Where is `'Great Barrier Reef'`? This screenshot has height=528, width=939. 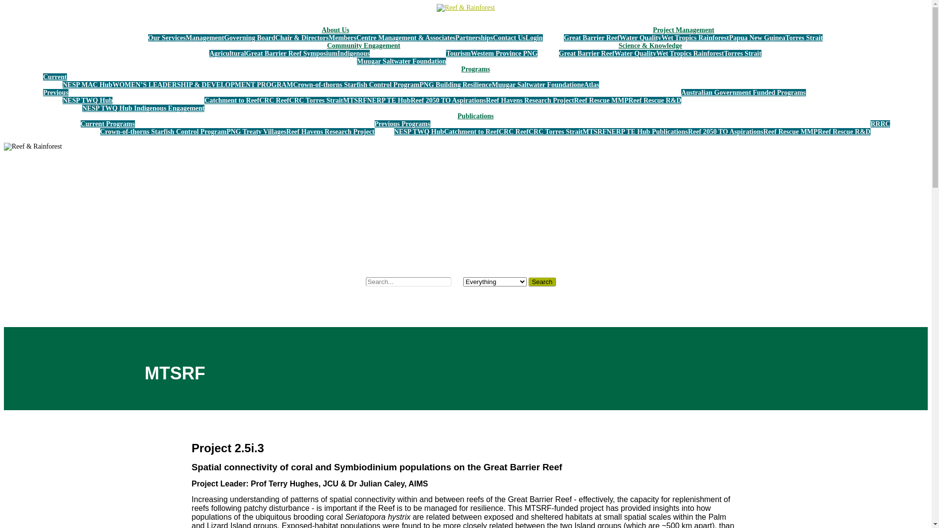 'Great Barrier Reef' is located at coordinates (591, 37).